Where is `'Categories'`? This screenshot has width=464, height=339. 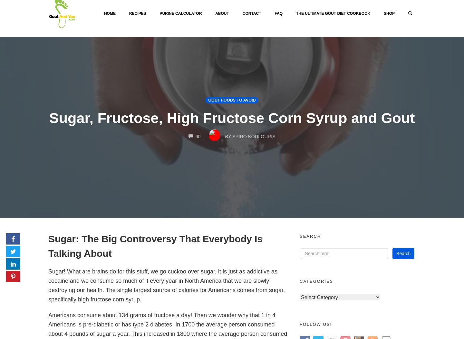 'Categories' is located at coordinates (316, 281).